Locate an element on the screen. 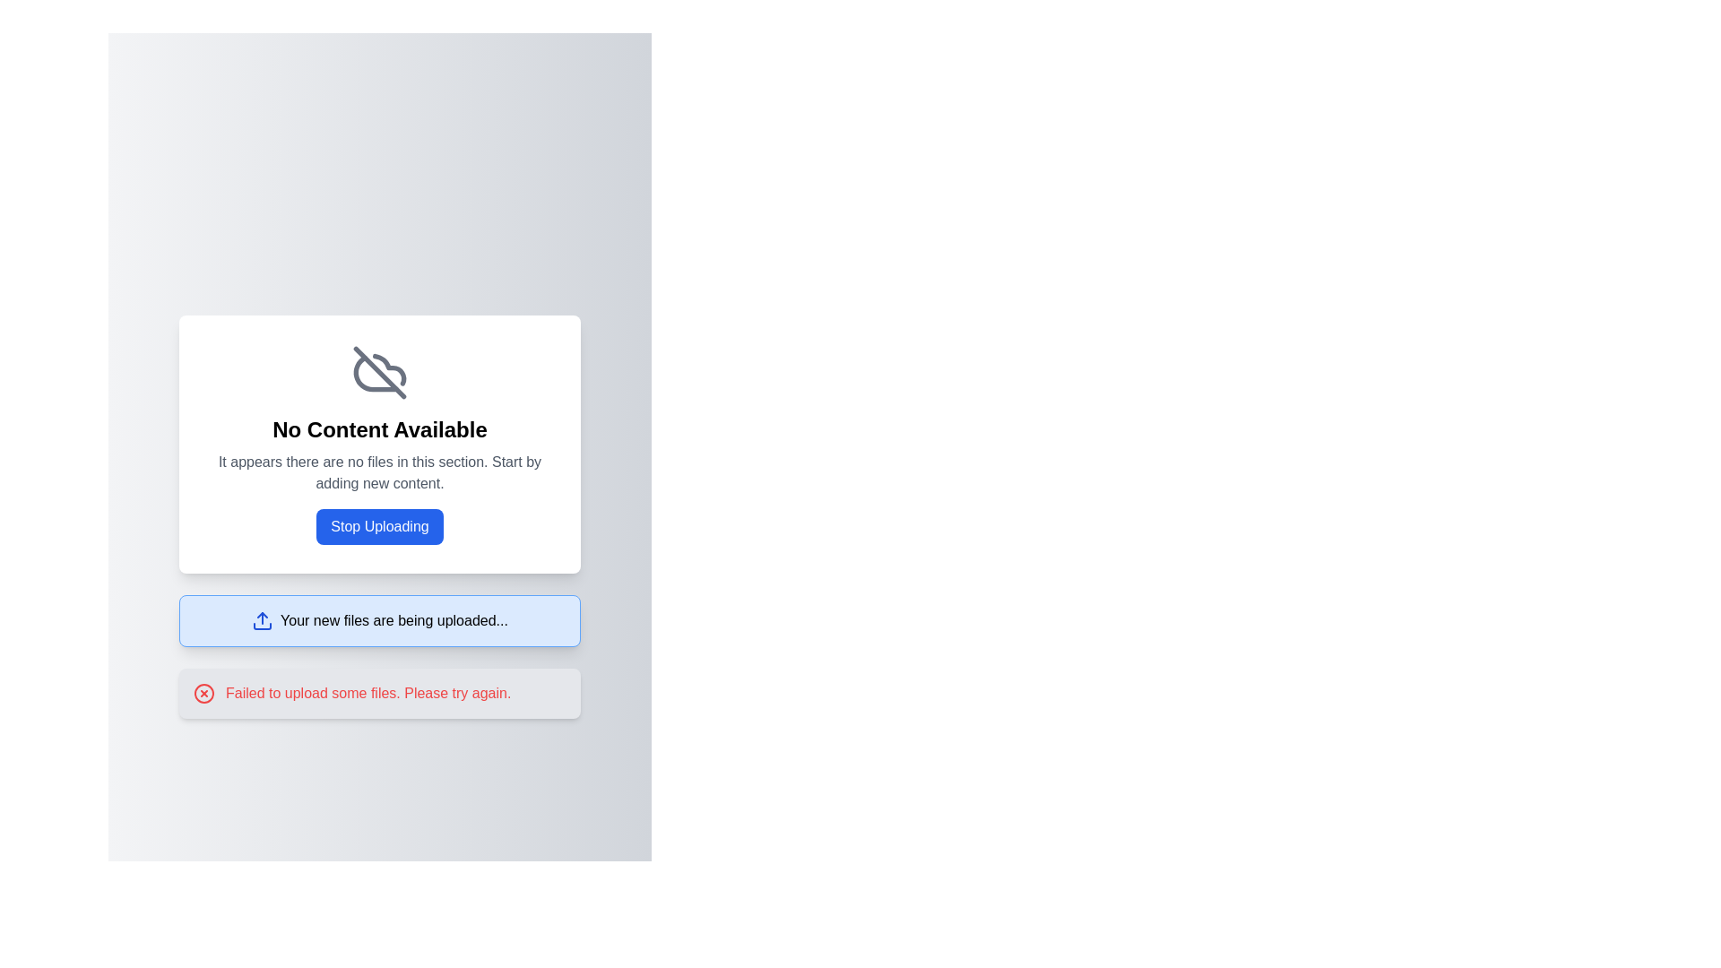  the bold, centered text label reading 'No Content Available' is located at coordinates (378, 428).